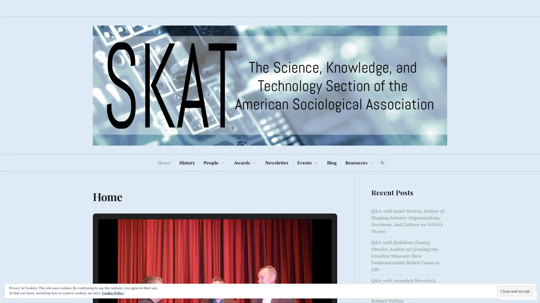 The width and height of the screenshot is (540, 303). I want to click on SEARCH, so click(382, 162).